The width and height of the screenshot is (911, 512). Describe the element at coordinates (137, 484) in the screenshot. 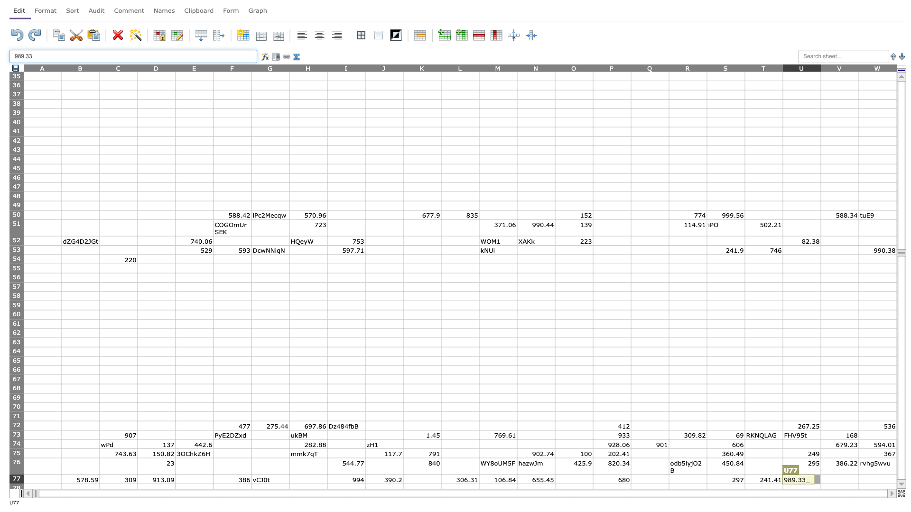

I see `Top left of cell D78` at that location.